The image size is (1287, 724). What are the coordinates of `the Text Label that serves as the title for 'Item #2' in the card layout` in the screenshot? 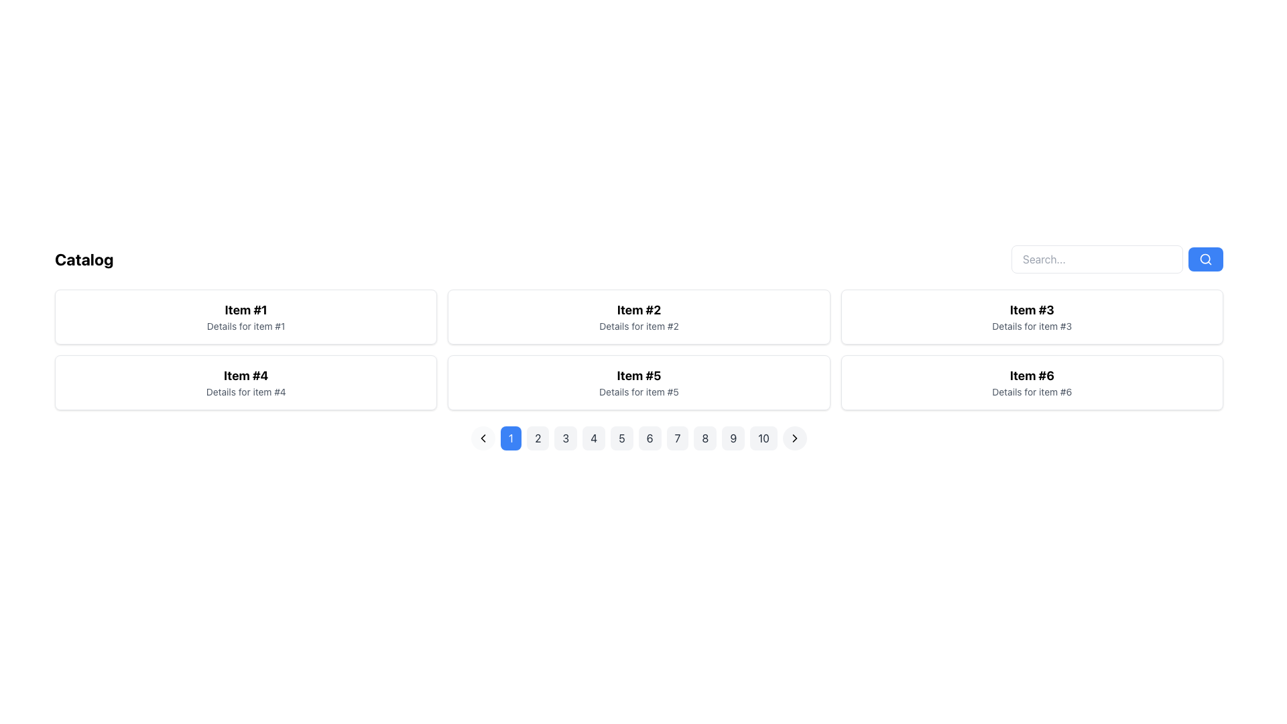 It's located at (638, 310).